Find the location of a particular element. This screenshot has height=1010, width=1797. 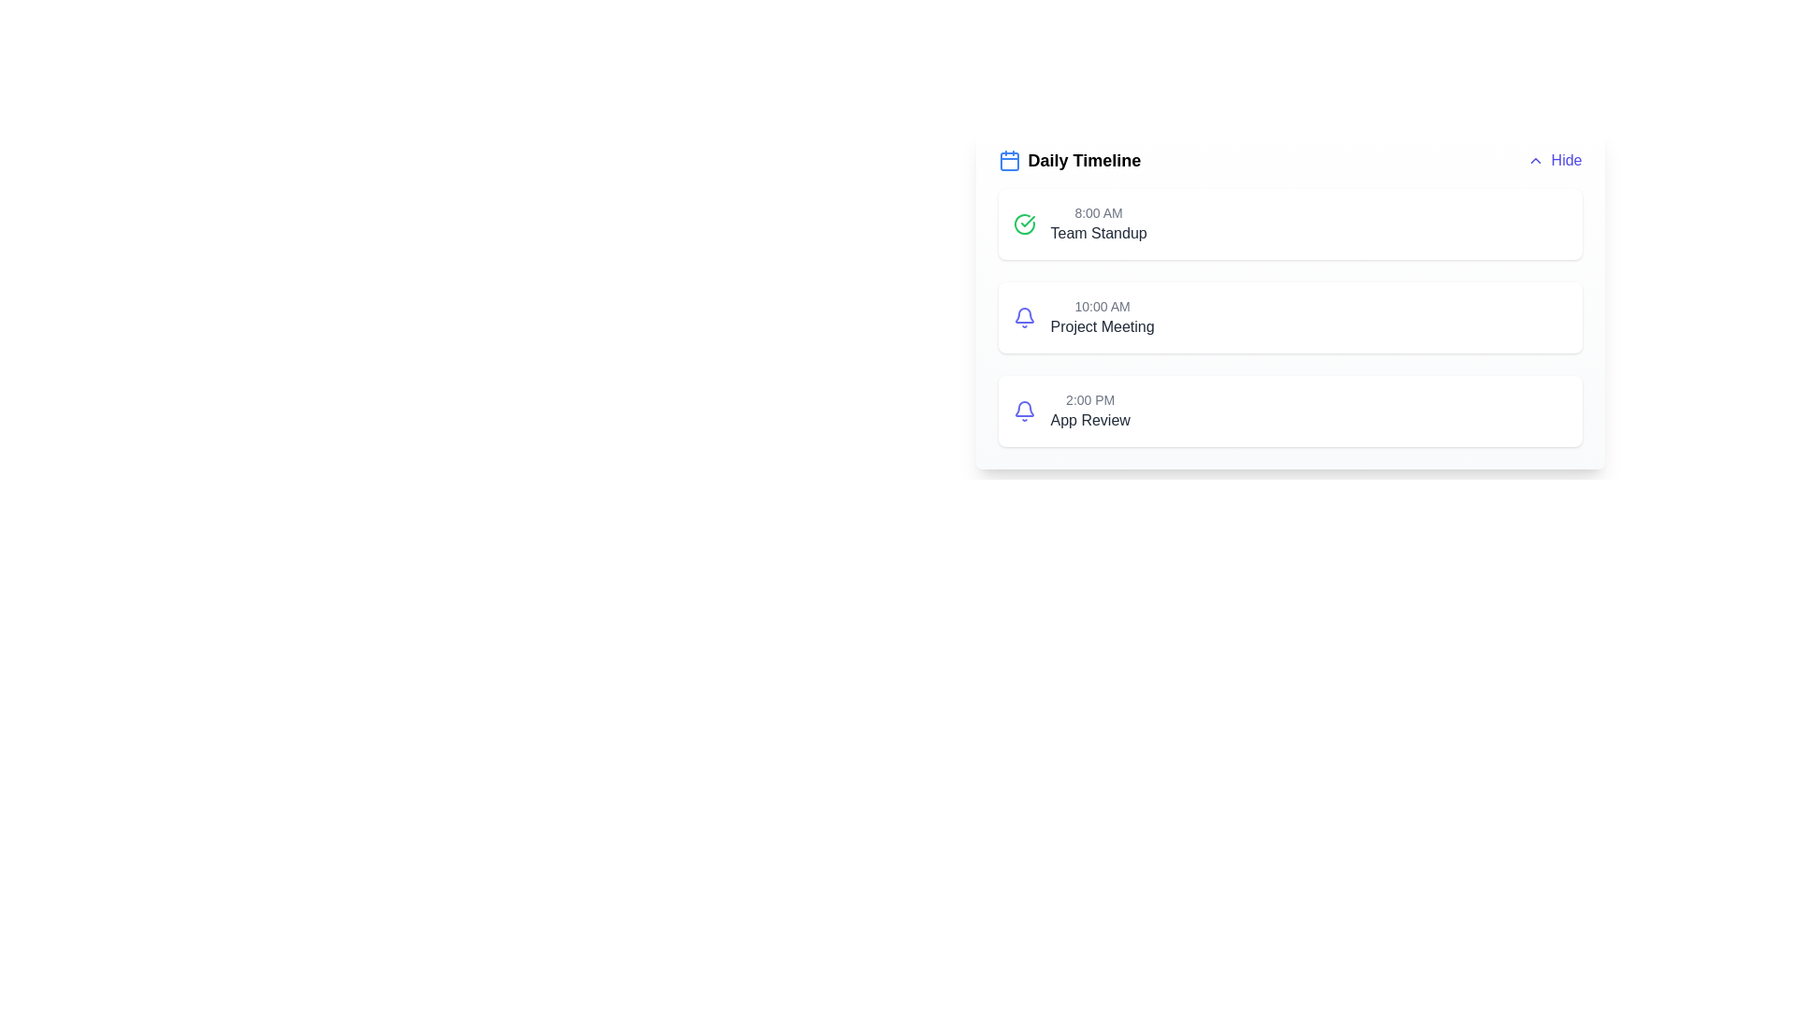

the 'Hide' button located at the top-right corner of the 'Daily Timeline' section is located at coordinates (1554, 160).